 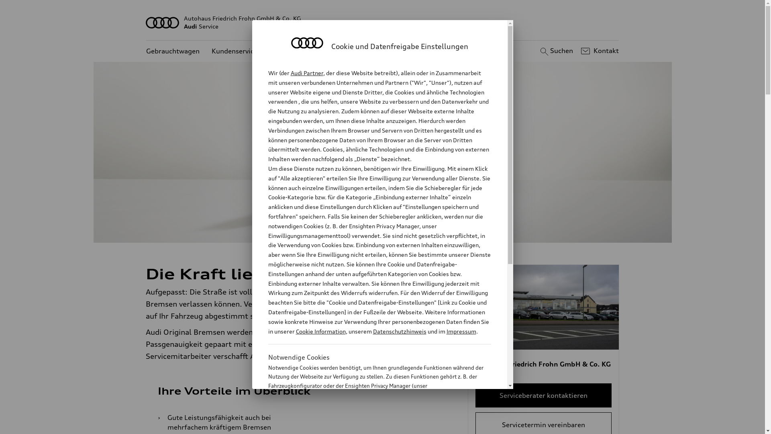 I want to click on 'Impressum', so click(x=461, y=331).